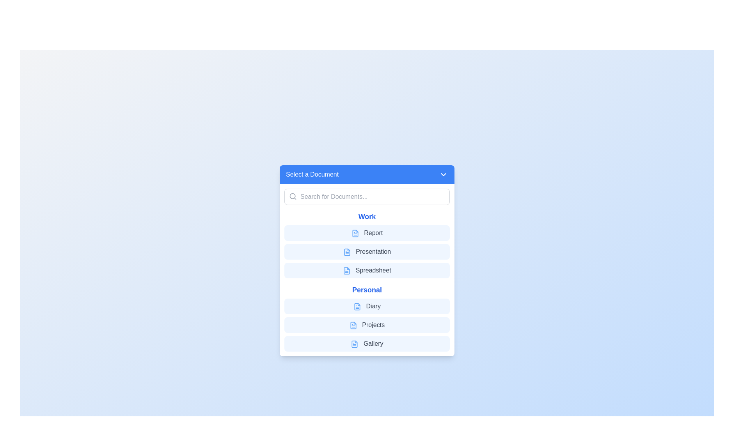 Image resolution: width=749 pixels, height=421 pixels. I want to click on the blue document SVG icon located to the left of the word 'Gallery' in the 'Personal' section, so click(354, 343).